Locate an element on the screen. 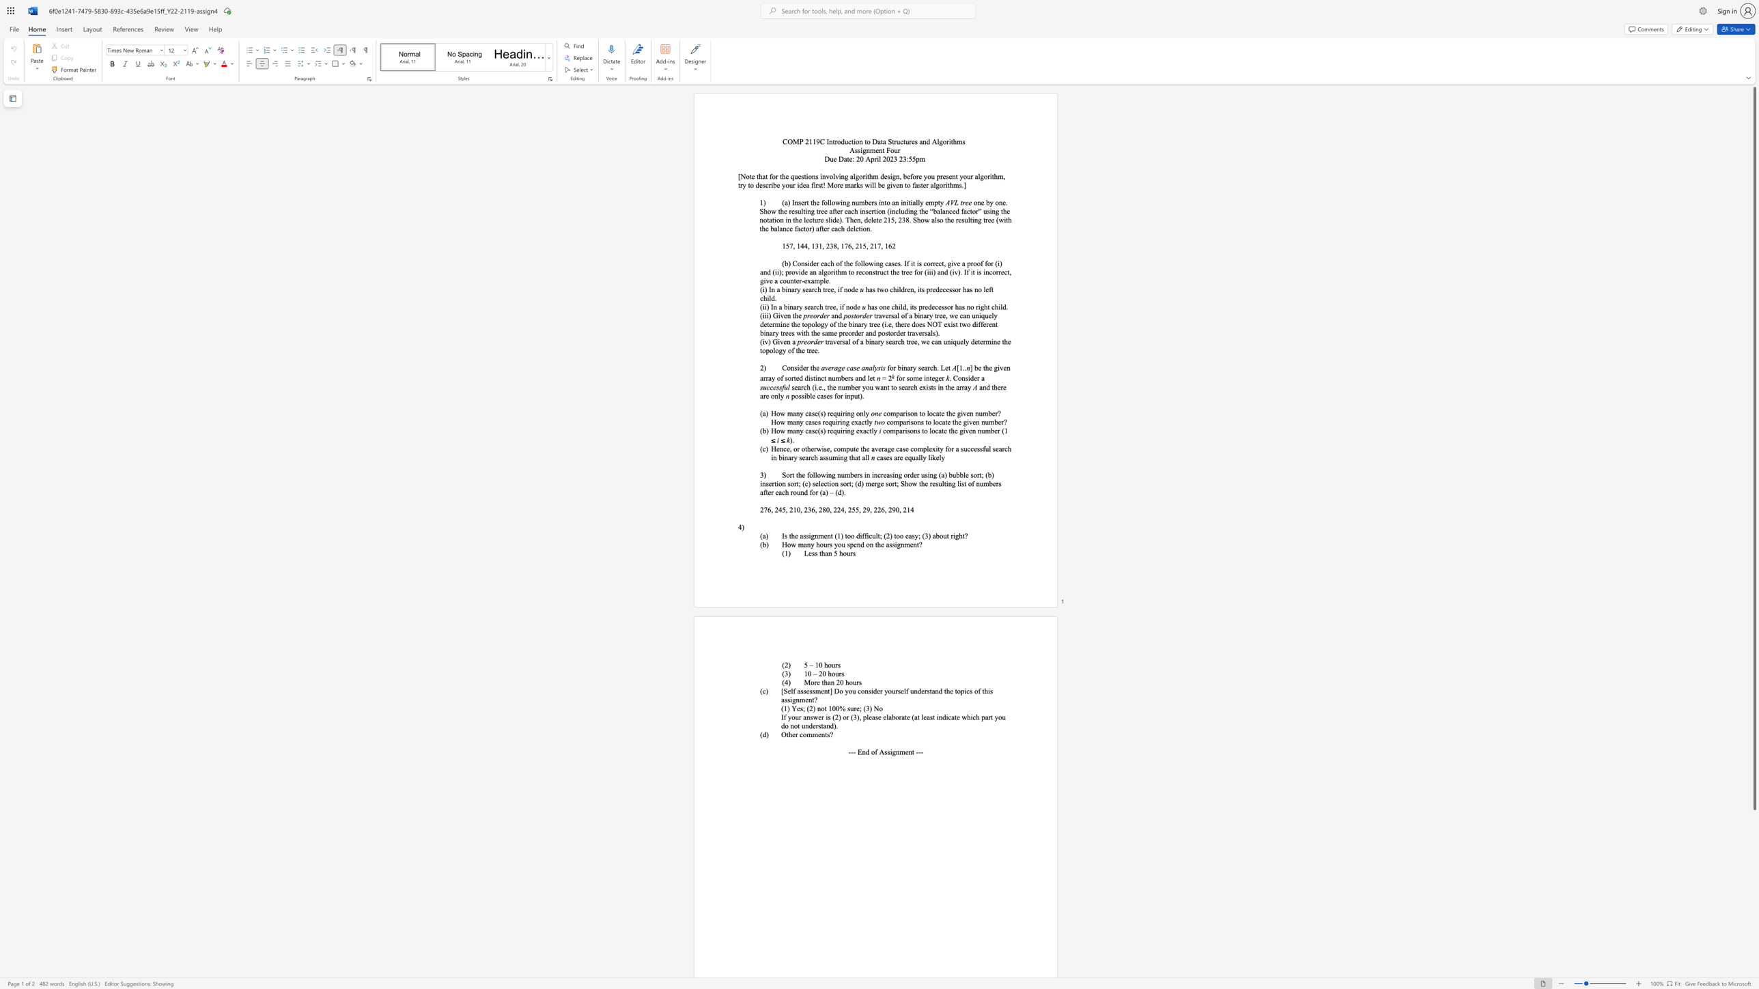  the subset text "a) Insert the following numbers into a" within the text "(a) Insert the following numbers into an initially empty" is located at coordinates (784, 202).